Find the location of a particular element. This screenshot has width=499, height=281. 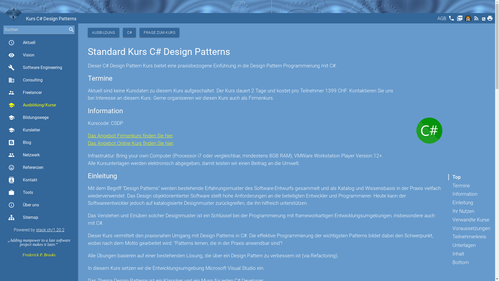

'sentiment_very_satisfied is located at coordinates (38, 168).